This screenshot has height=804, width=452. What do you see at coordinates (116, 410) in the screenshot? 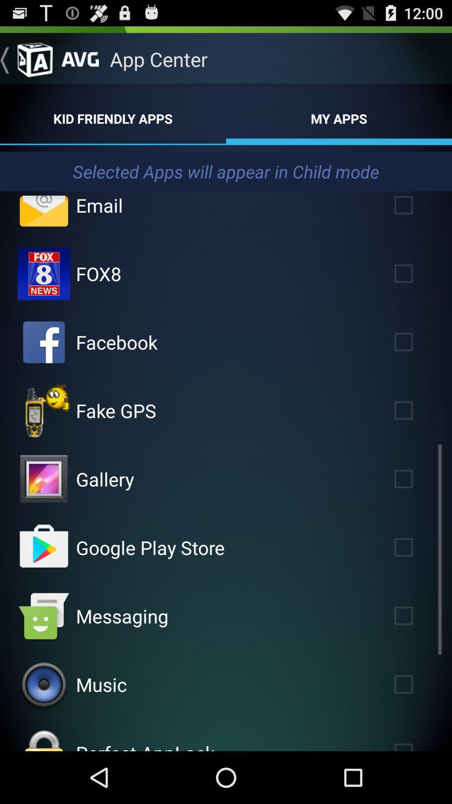
I see `icon above the gallery item` at bounding box center [116, 410].